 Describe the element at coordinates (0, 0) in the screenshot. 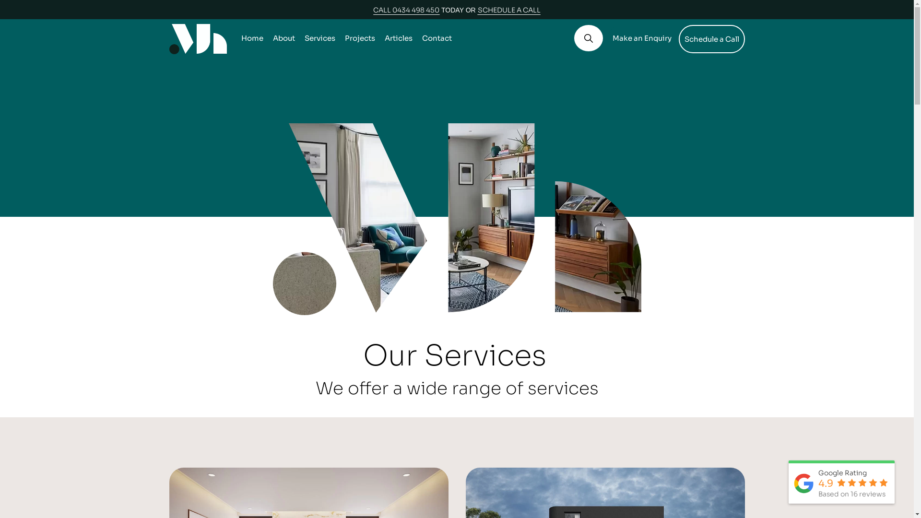

I see `'Skip to primary navigation'` at that location.